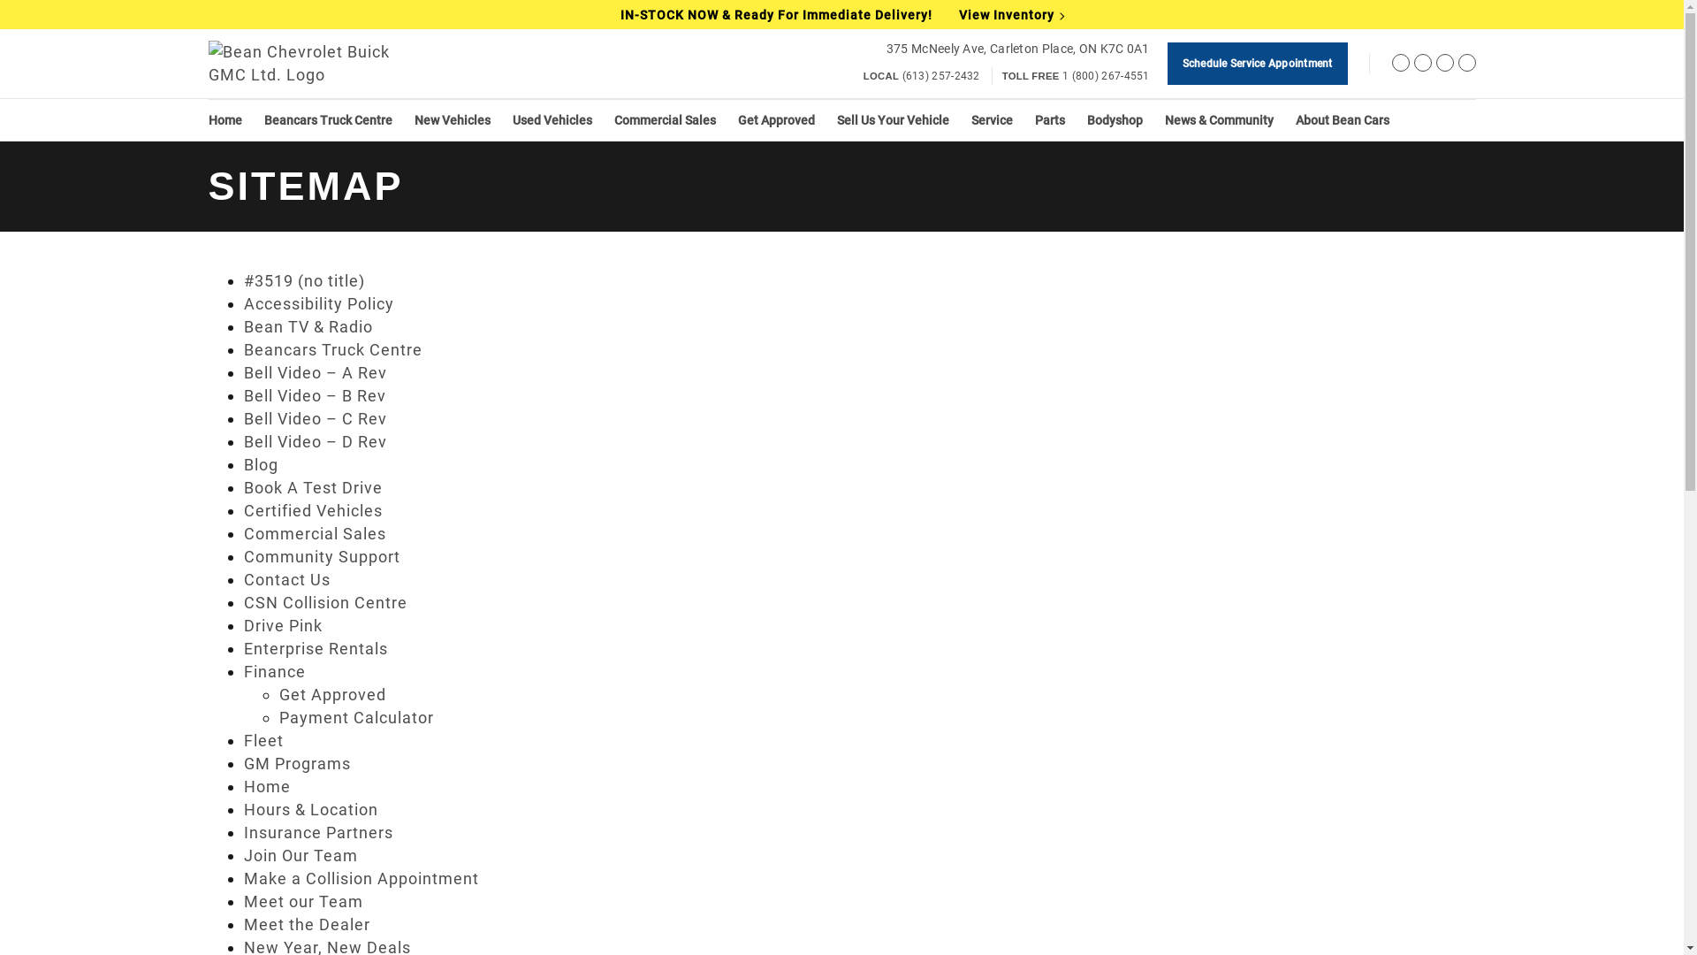 This screenshot has height=955, width=1697. I want to click on 'Hours & Location', so click(242, 809).